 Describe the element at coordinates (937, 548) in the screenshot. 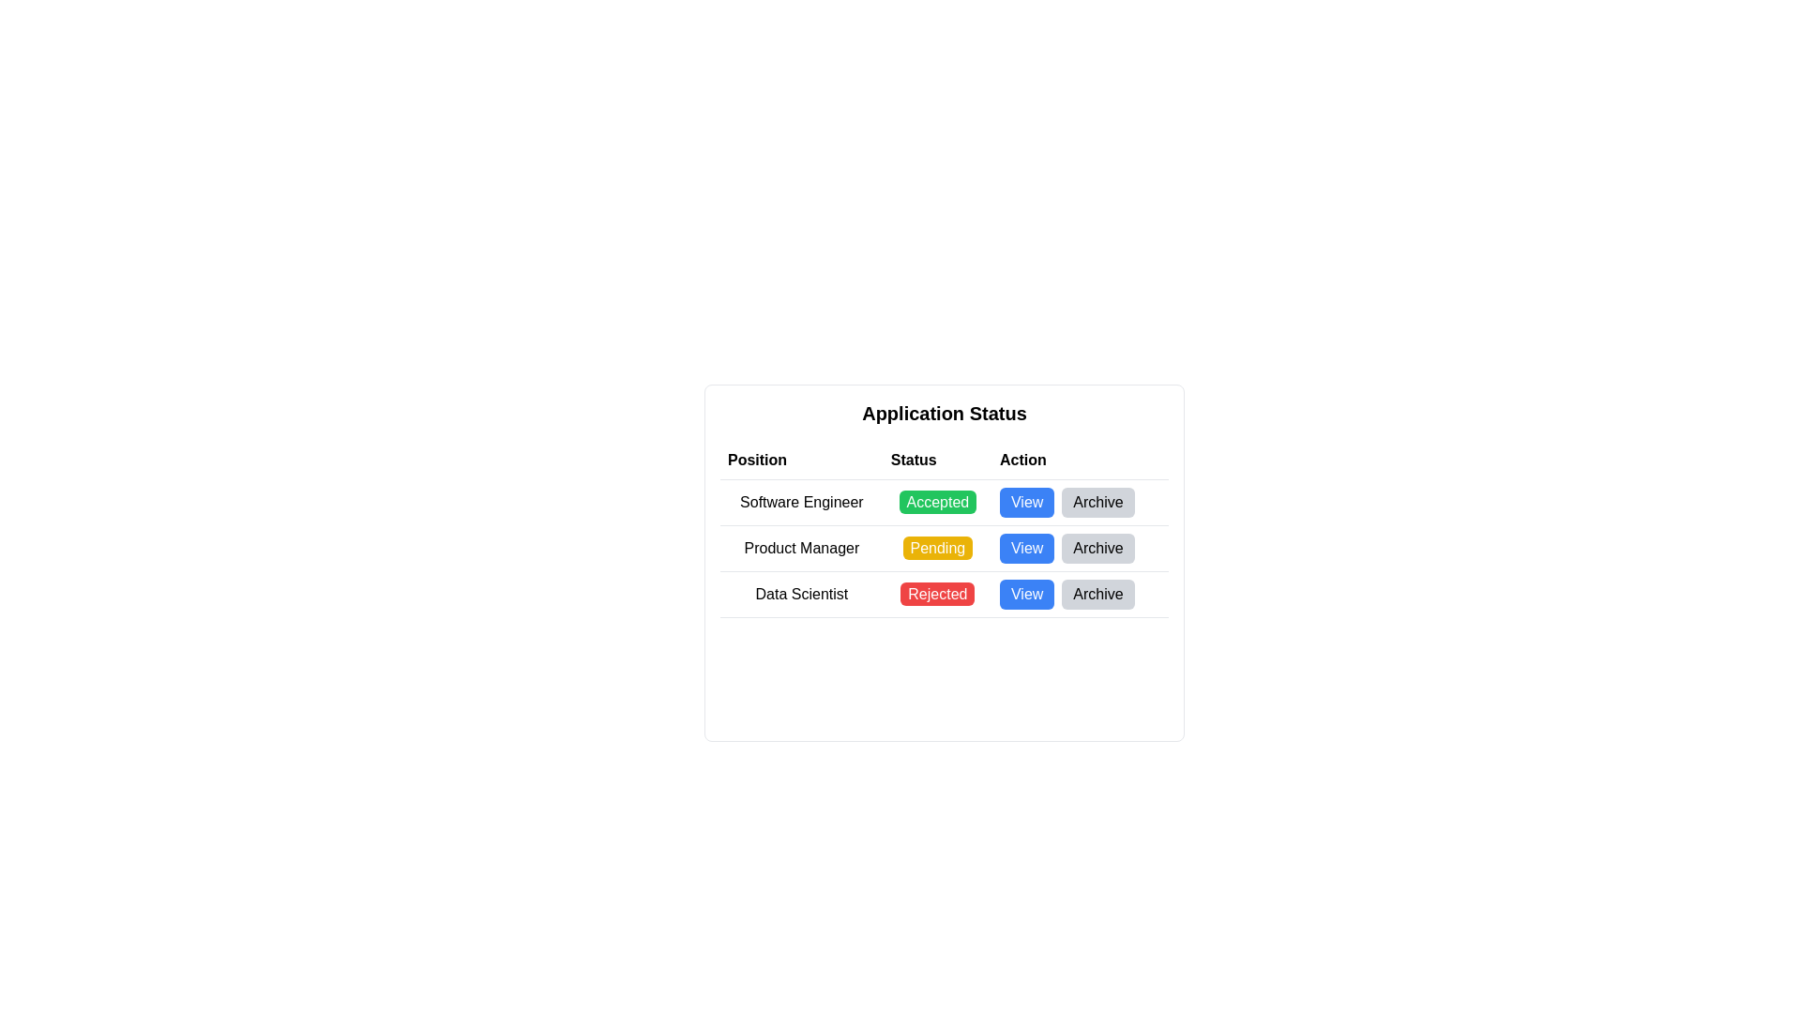

I see `the 'Pending' label indicating the status of the job application for the 'Product Manager' position in the second row of the table` at that location.